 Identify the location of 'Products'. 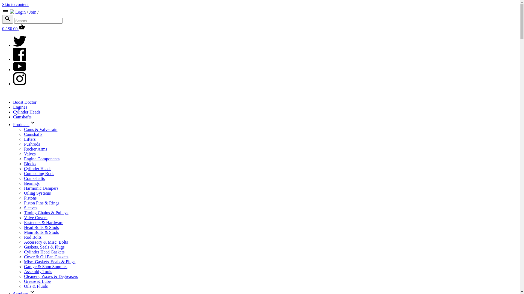
(24, 124).